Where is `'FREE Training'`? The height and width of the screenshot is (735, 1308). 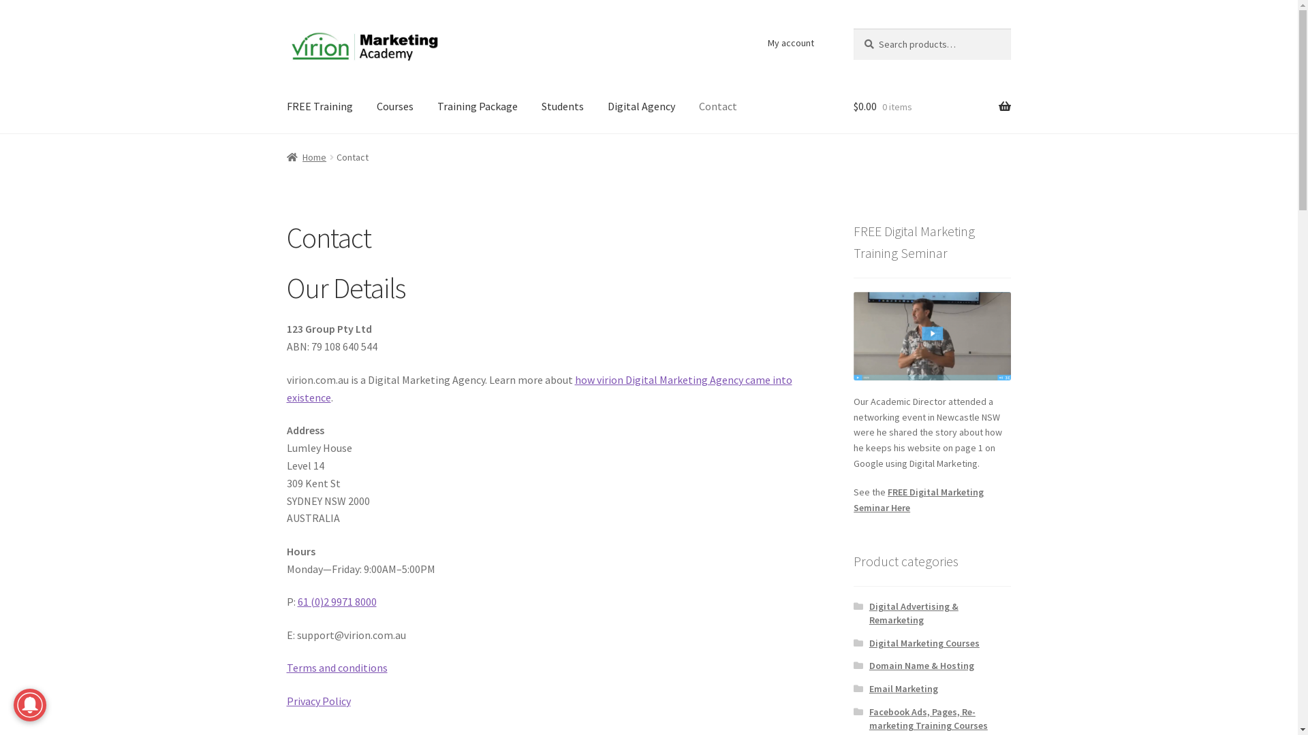
'FREE Training' is located at coordinates (319, 106).